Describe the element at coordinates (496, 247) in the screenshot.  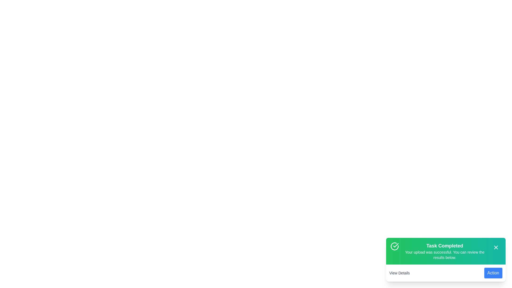
I see `the close button to dismiss the notification` at that location.